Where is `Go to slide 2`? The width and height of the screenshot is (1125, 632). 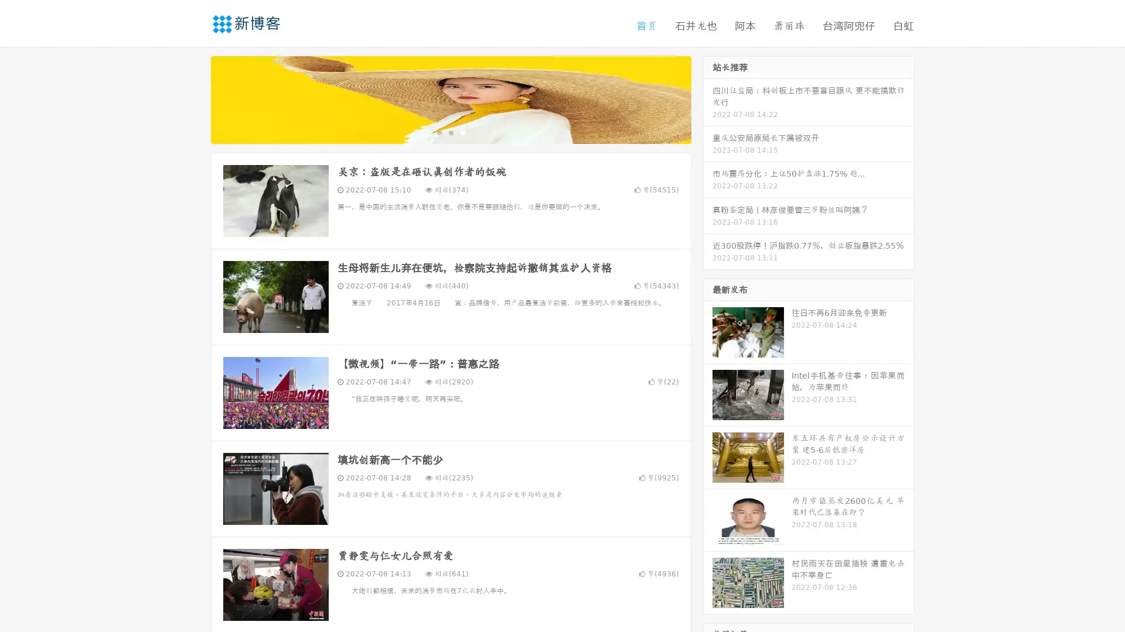
Go to slide 2 is located at coordinates (450, 132).